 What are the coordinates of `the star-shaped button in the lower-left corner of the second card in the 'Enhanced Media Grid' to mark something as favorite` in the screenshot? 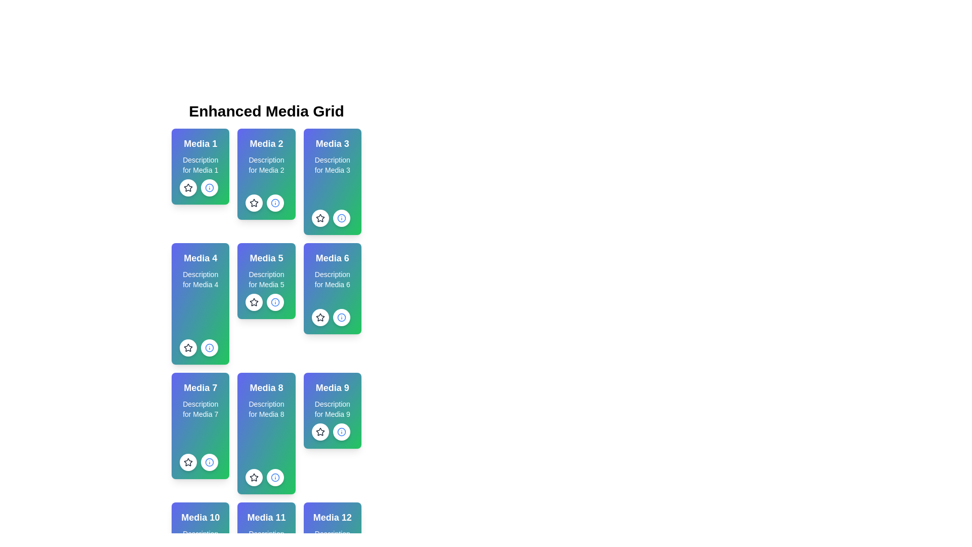 It's located at (254, 203).